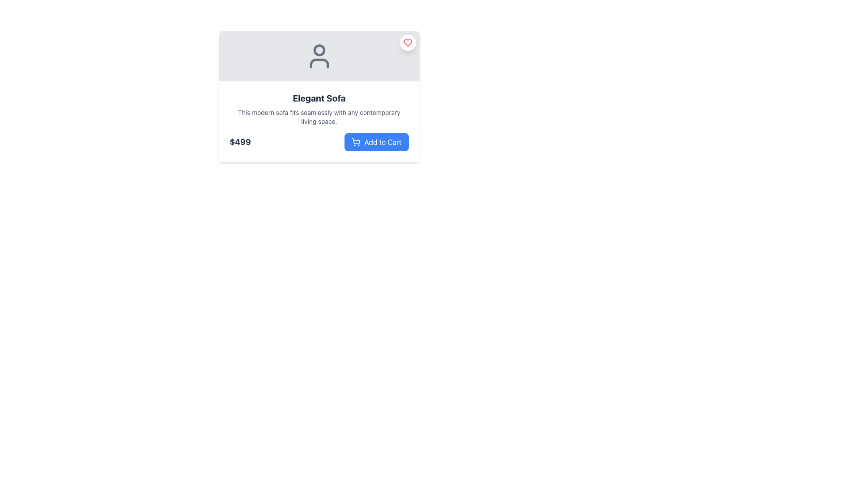  What do you see at coordinates (319, 50) in the screenshot?
I see `the circular shape that represents the head of the user profile icon in the SVG graphic` at bounding box center [319, 50].